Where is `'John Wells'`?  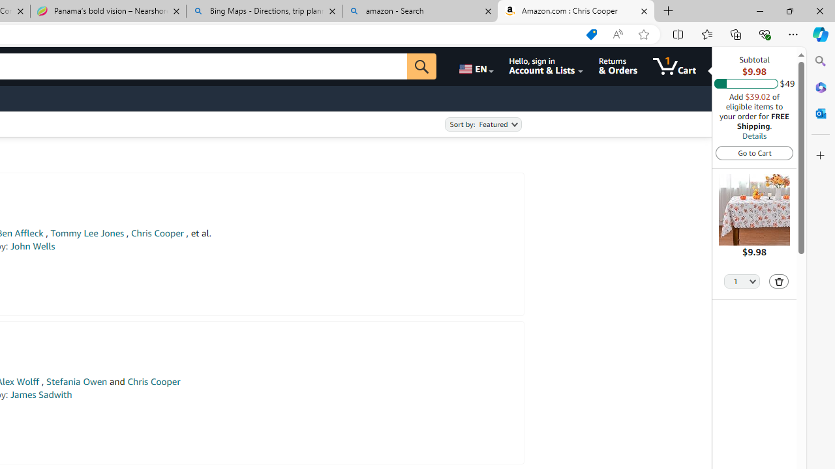 'John Wells' is located at coordinates (32, 246).